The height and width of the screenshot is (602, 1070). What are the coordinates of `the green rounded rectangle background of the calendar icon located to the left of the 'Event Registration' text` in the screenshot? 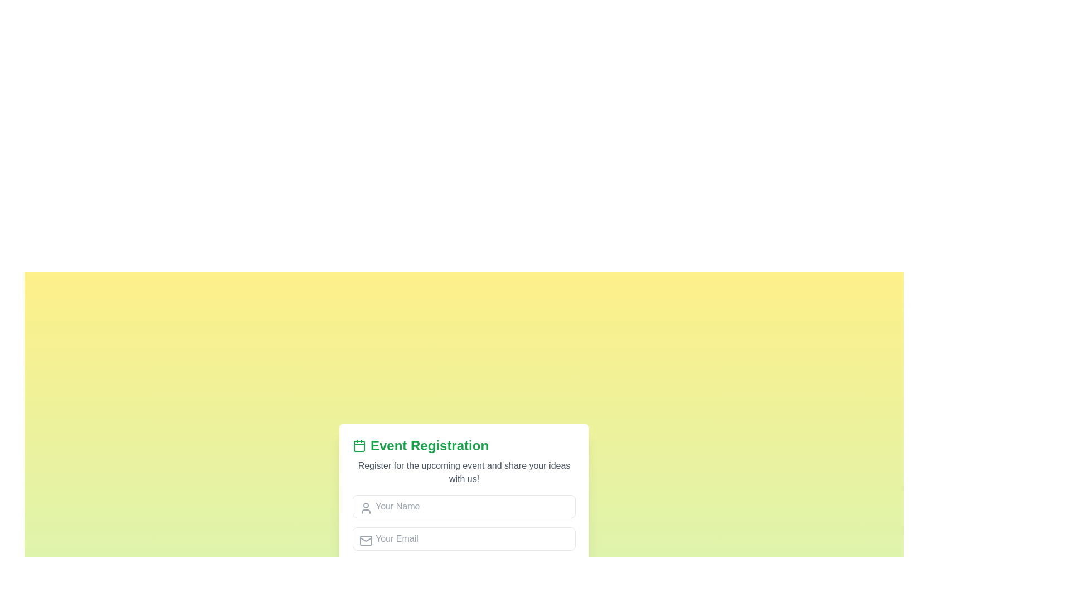 It's located at (359, 445).